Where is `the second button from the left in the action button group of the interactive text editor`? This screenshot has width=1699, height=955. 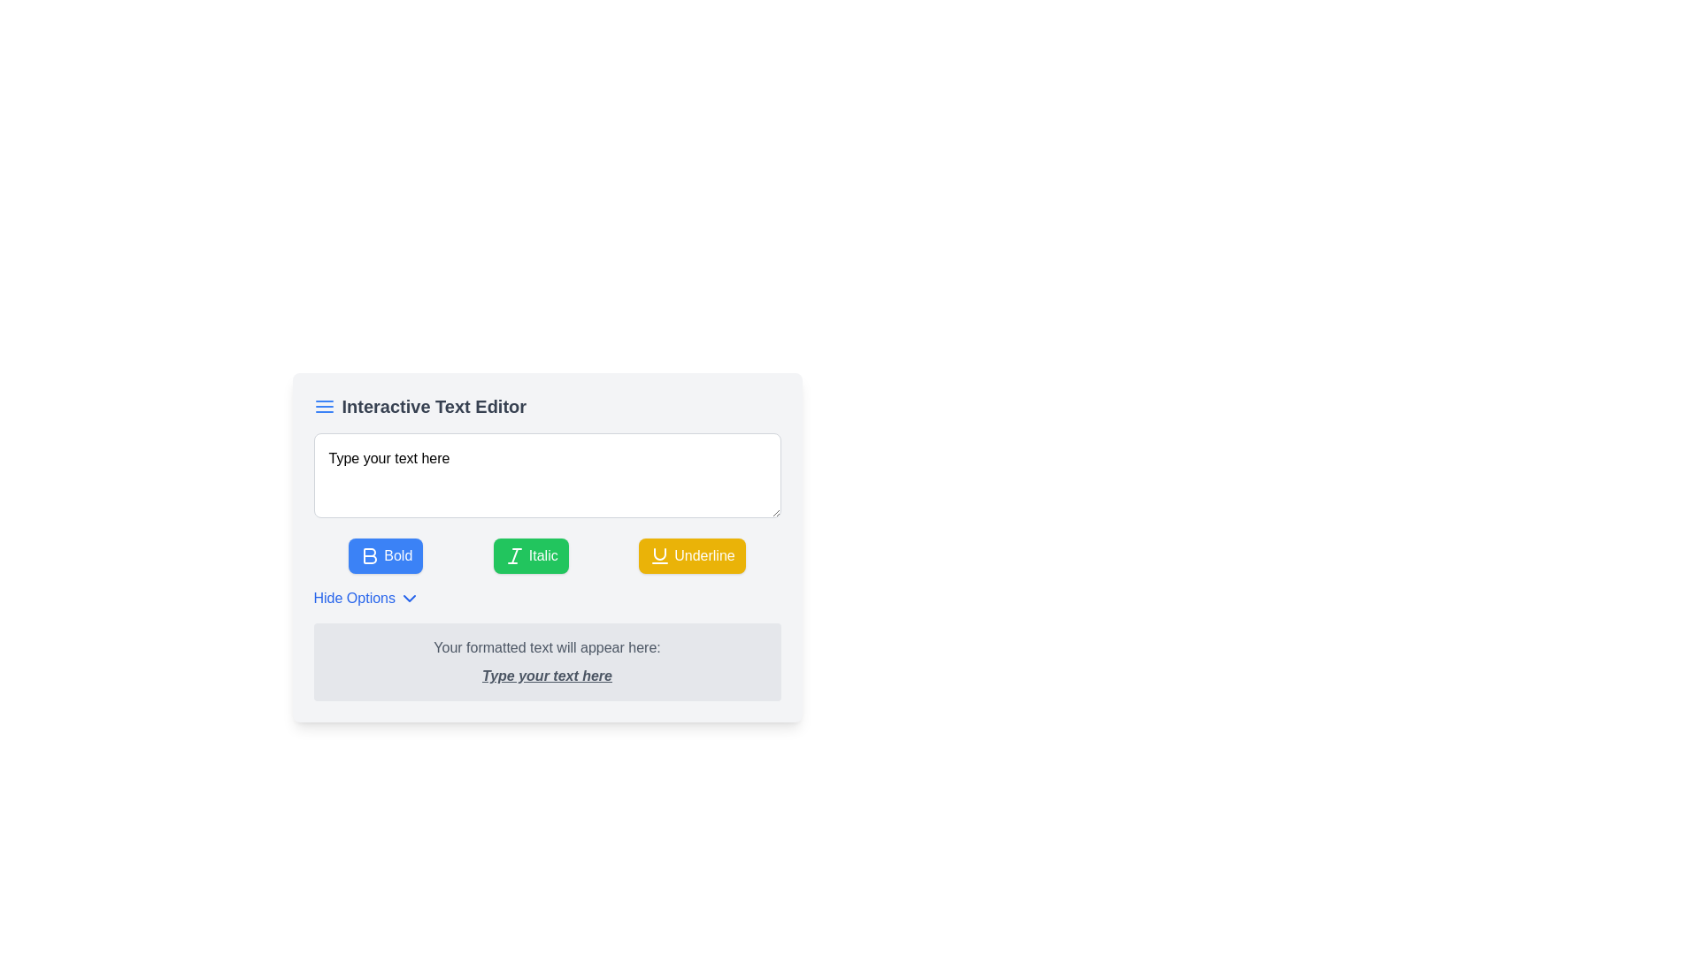 the second button from the left in the action button group of the interactive text editor is located at coordinates (546, 554).